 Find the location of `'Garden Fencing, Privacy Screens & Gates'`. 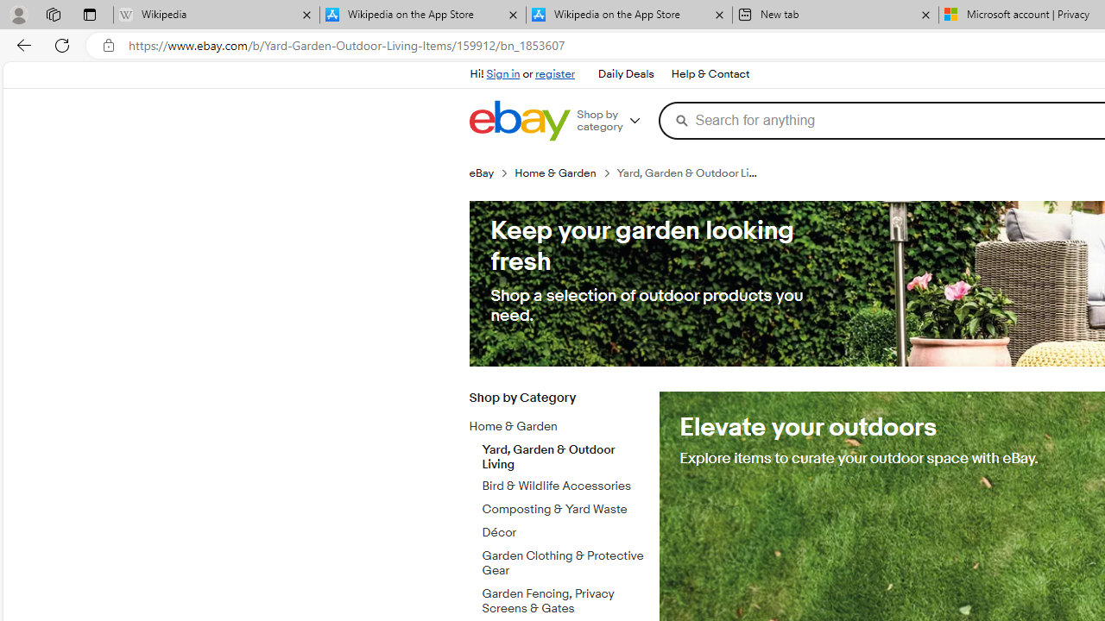

'Garden Fencing, Privacy Screens & Gates' is located at coordinates (564, 597).